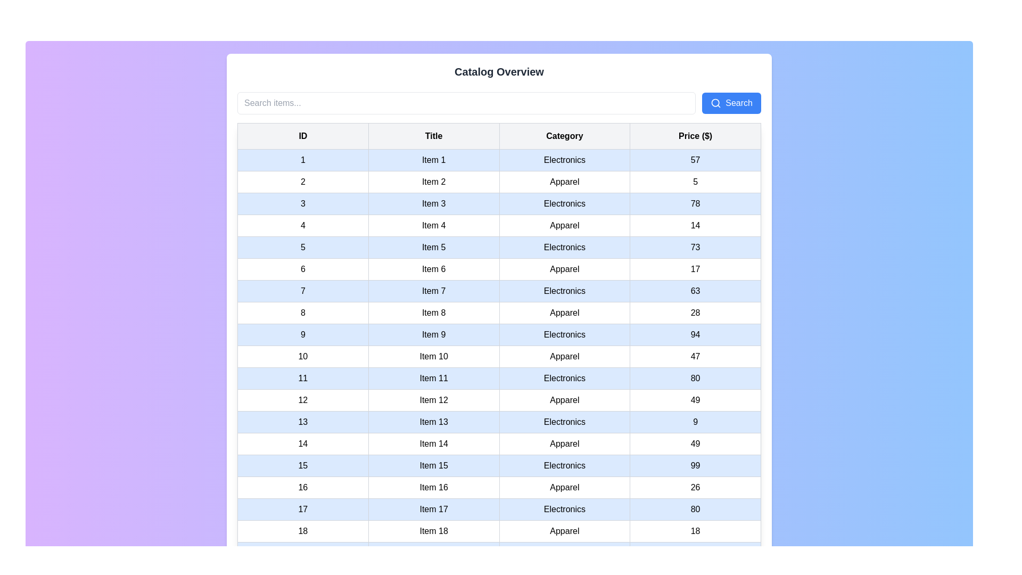 The width and height of the screenshot is (1022, 575). I want to click on the table cell displaying the number '1' located in the first row under the 'ID' column, so click(302, 160).